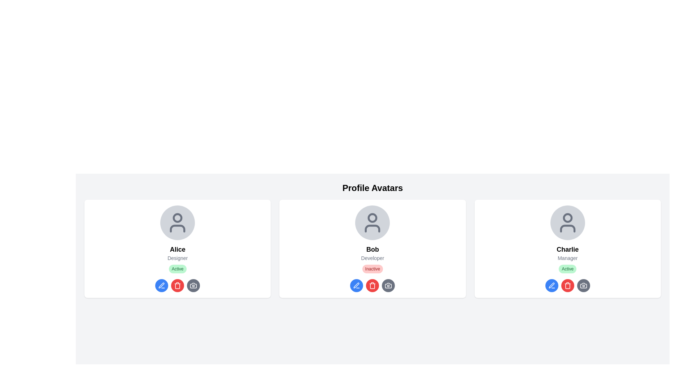  What do you see at coordinates (388, 285) in the screenshot?
I see `the camera icon within the circular button located in the bottom right of the 'Bob' profile card section` at bounding box center [388, 285].